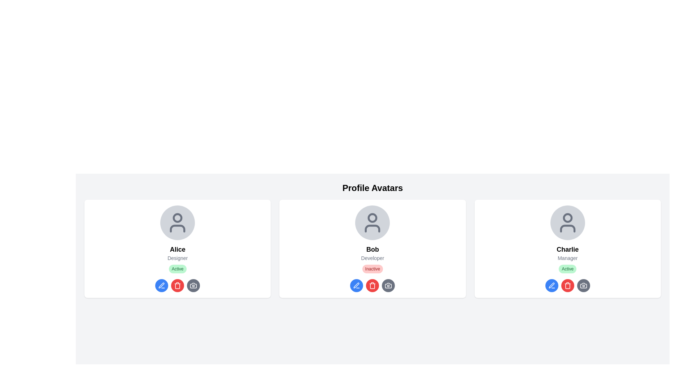  What do you see at coordinates (388, 285) in the screenshot?
I see `the camera icon within the circular button located in the bottom right of the 'Bob' profile card section` at bounding box center [388, 285].